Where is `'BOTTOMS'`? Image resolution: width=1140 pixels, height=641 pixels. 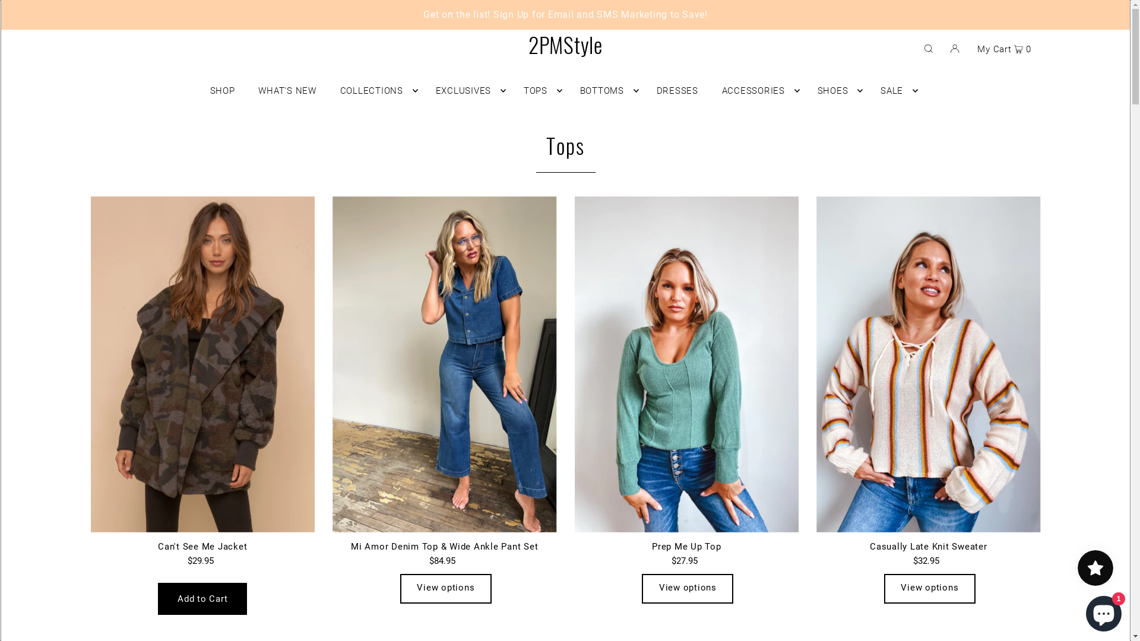 'BOTTOMS' is located at coordinates (606, 90).